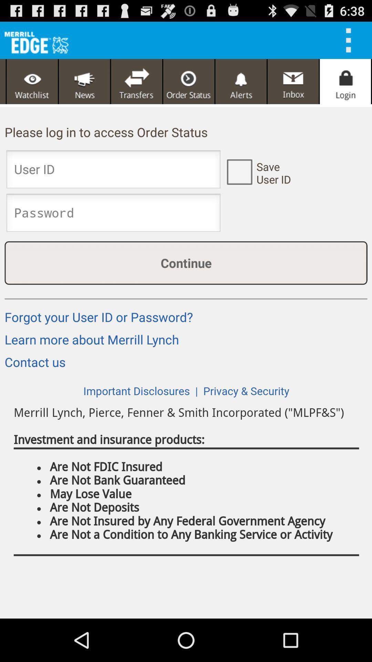  What do you see at coordinates (136, 87) in the screenshot?
I see `the compare icon` at bounding box center [136, 87].